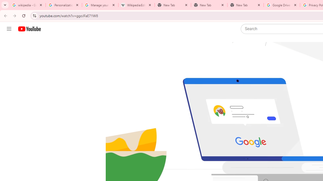  I want to click on 'Personalization & Google Search results - Google Search Help', so click(63, 5).